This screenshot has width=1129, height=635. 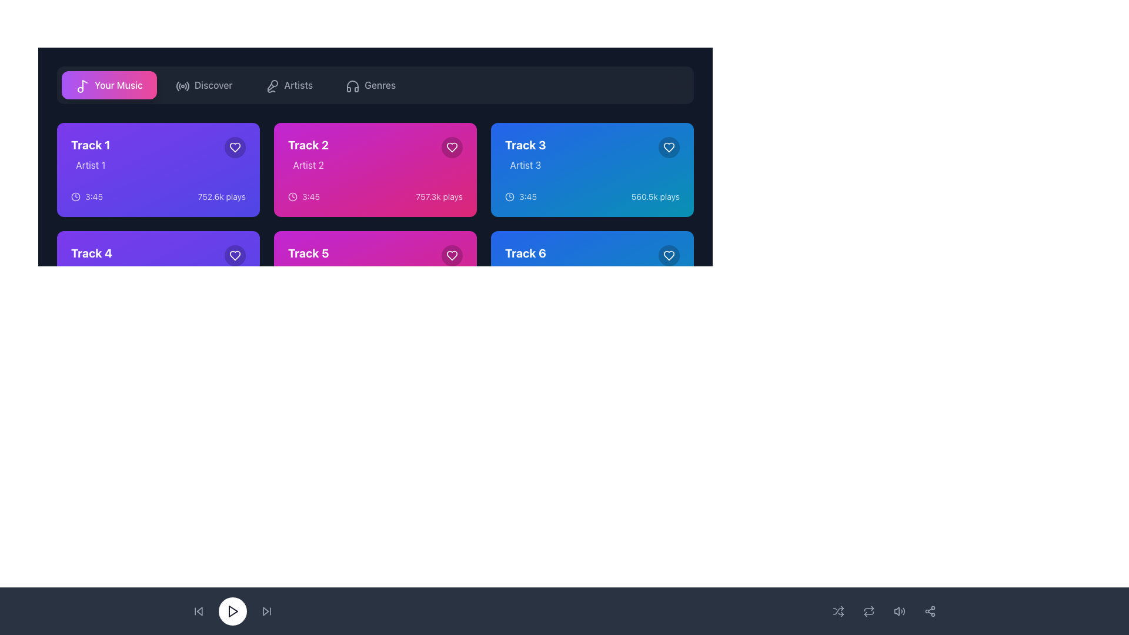 I want to click on the circular button with a semi-transparent dark background and an outlined heart icon in the top-right corner of the 'Track 1' section, so click(x=235, y=146).